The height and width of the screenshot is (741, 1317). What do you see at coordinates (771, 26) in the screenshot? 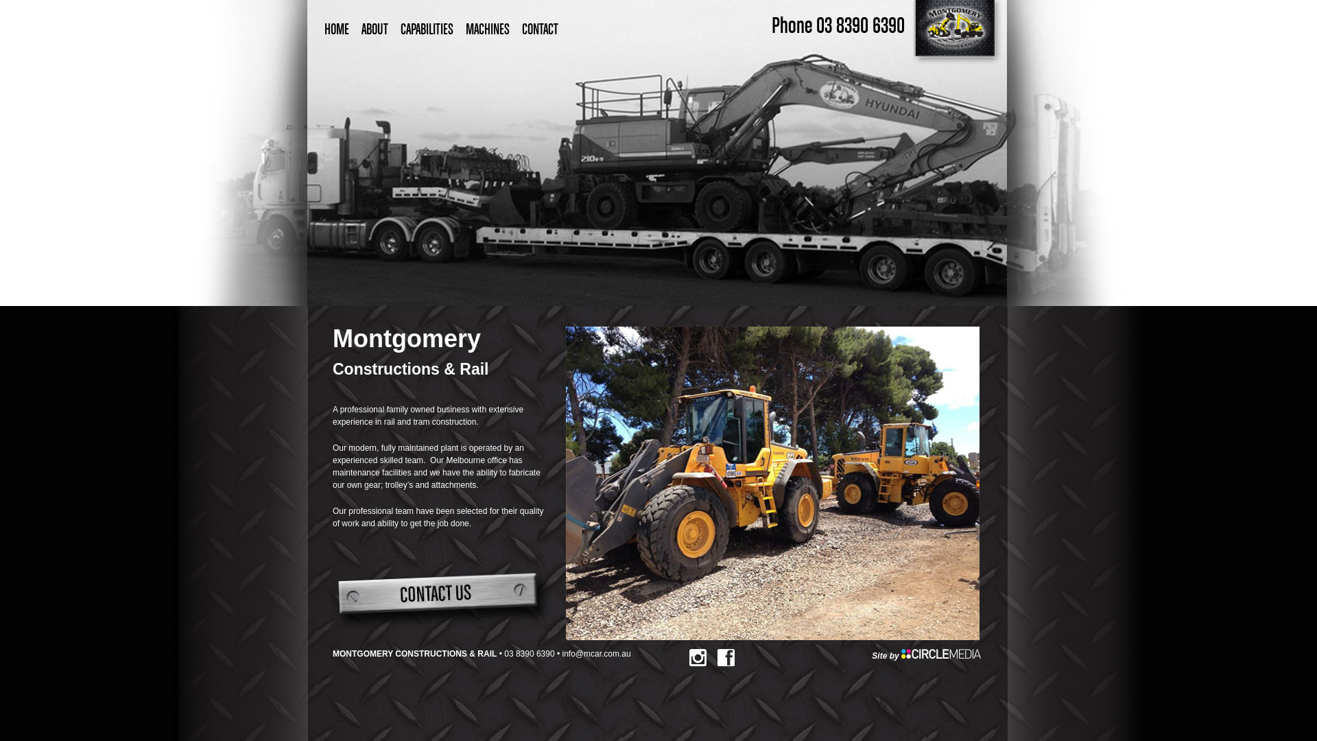
I see `'Phone 03 8390 6390'` at bounding box center [771, 26].